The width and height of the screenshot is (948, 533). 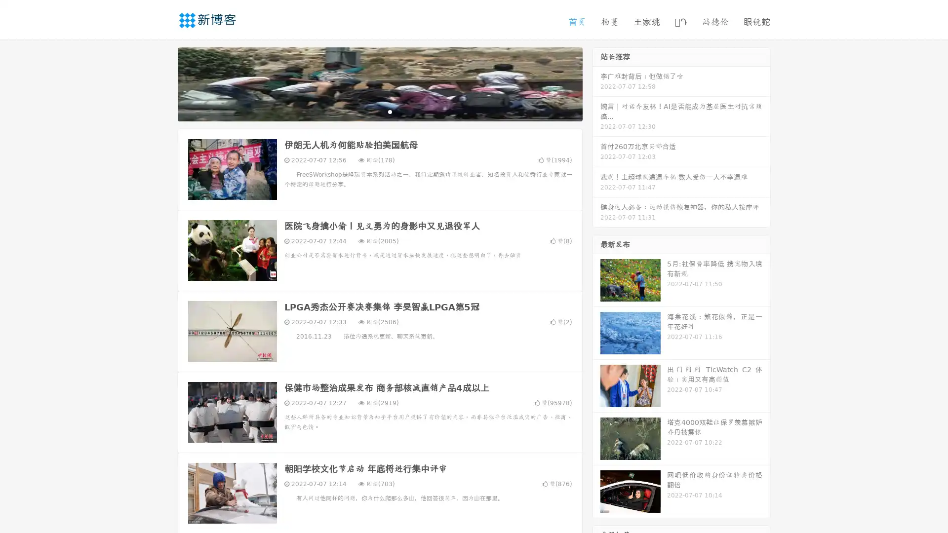 I want to click on Go to slide 2, so click(x=379, y=111).